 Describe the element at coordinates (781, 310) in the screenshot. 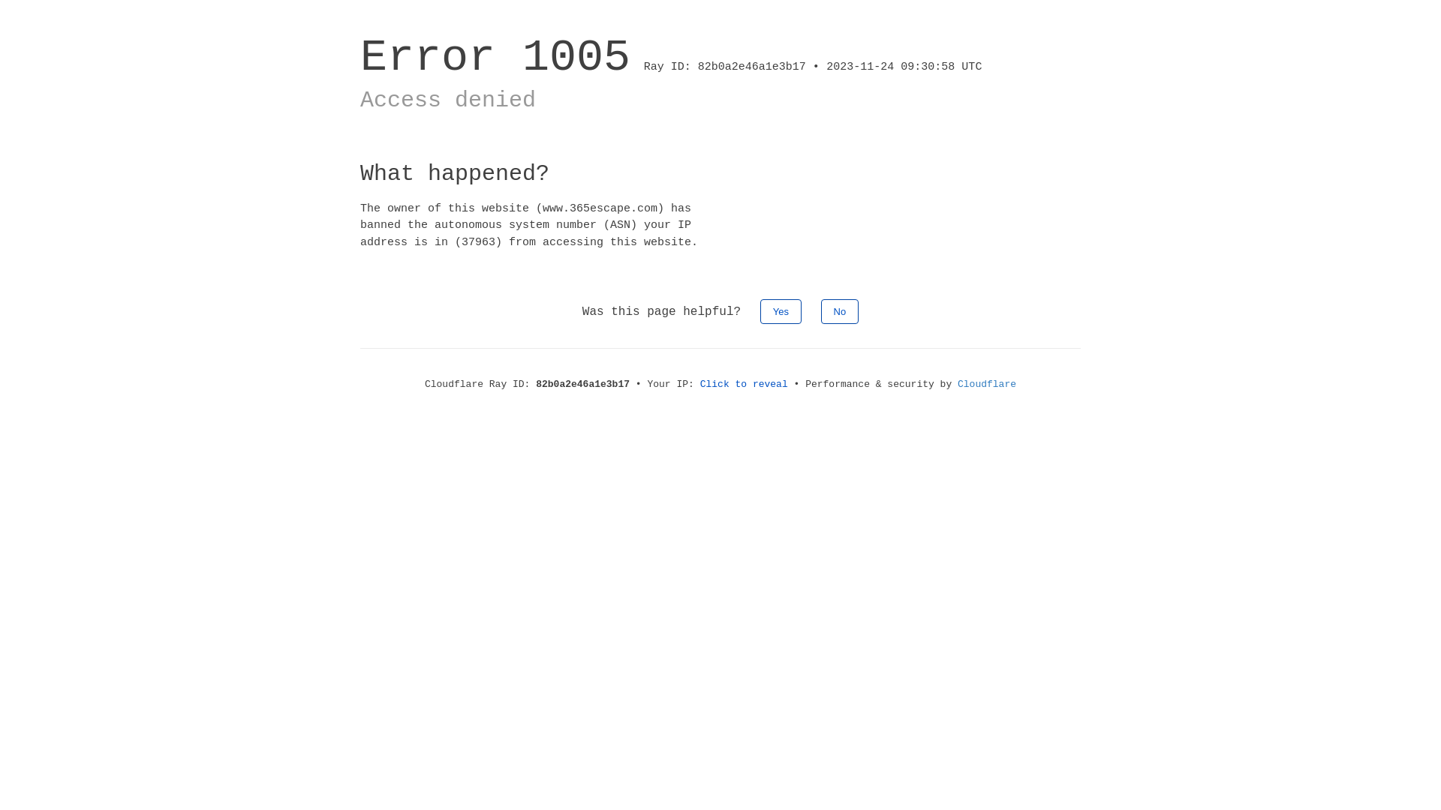

I see `'Yes'` at that location.